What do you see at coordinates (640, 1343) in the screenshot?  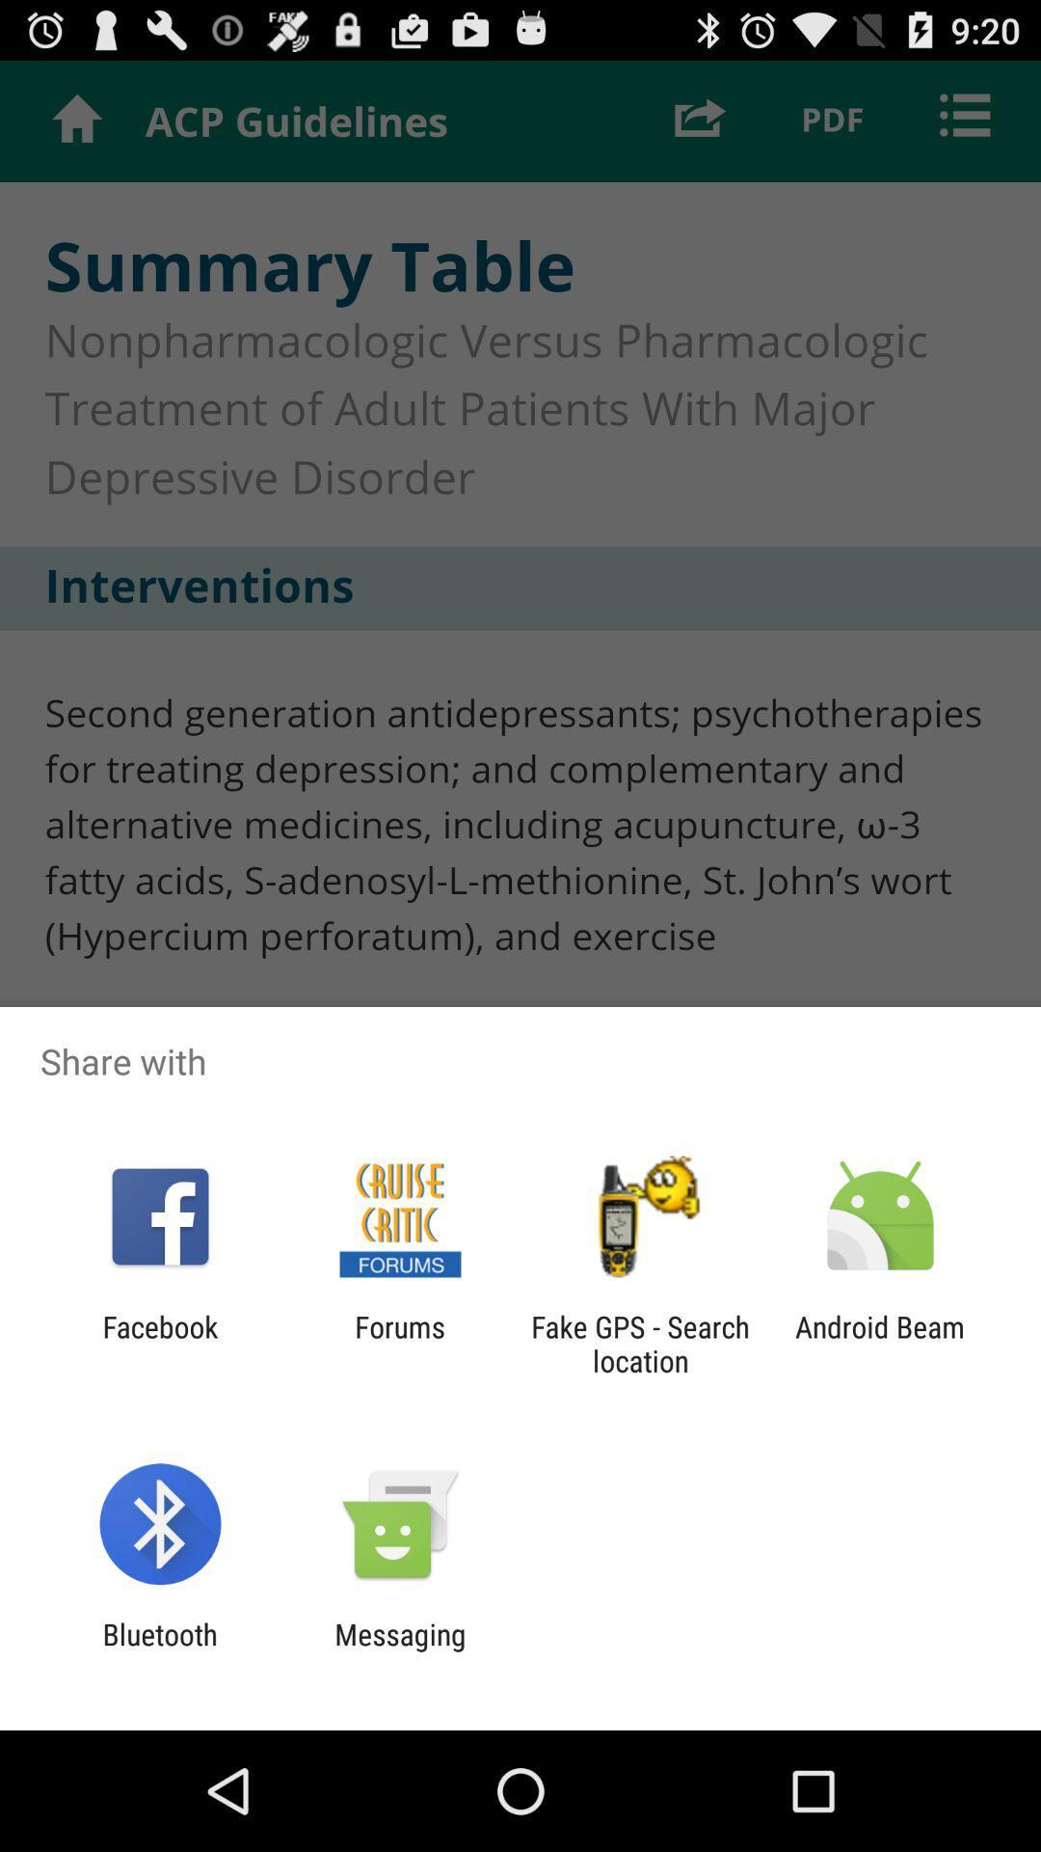 I see `app to the right of the forums item` at bounding box center [640, 1343].